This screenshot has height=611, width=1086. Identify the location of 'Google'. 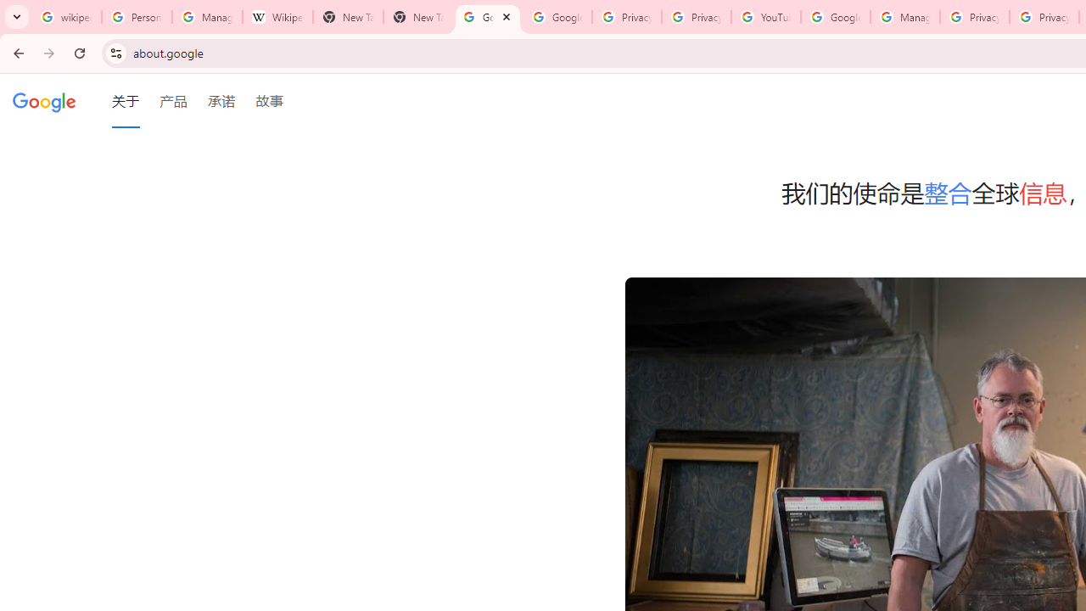
(44, 101).